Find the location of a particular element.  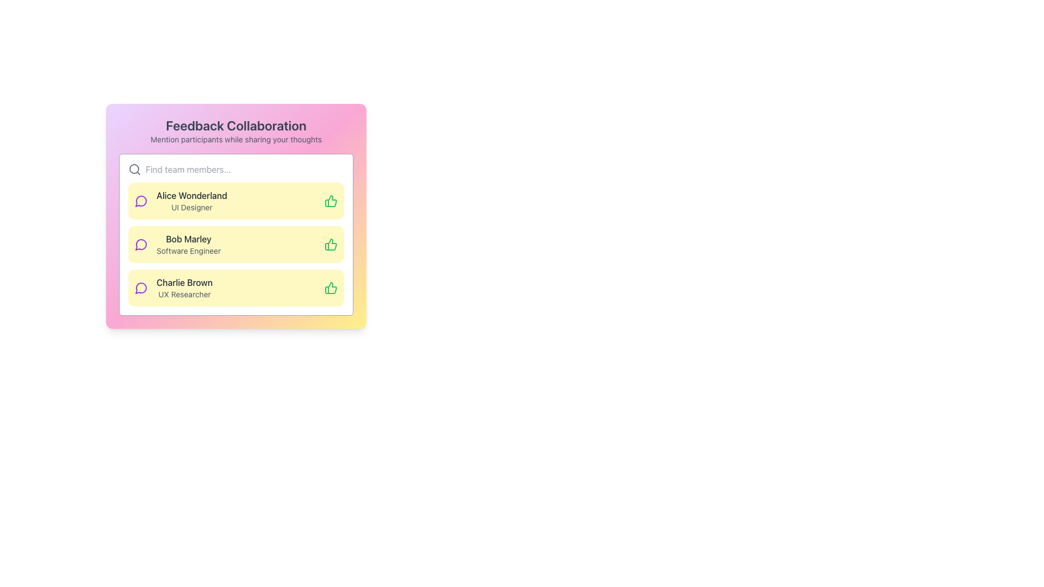

the text display component that shows the name 'Charlie Brown' and title 'UX Researcher', located in the third position of a list within a yellow card is located at coordinates (184, 287).